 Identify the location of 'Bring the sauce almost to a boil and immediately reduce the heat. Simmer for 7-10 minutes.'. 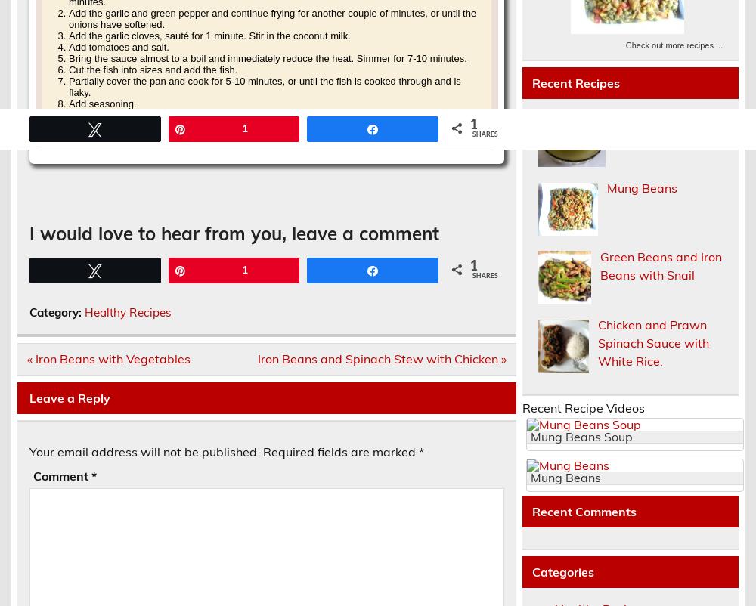
(267, 57).